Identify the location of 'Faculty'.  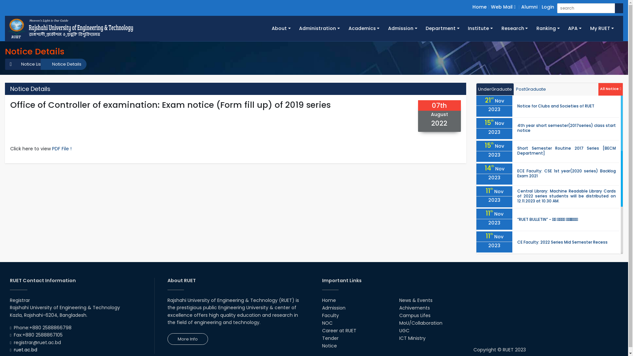
(330, 315).